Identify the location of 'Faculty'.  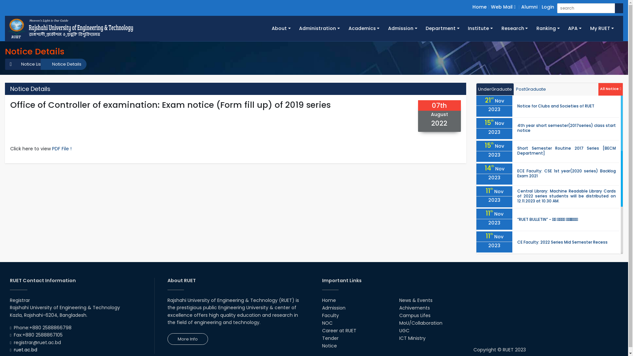
(330, 315).